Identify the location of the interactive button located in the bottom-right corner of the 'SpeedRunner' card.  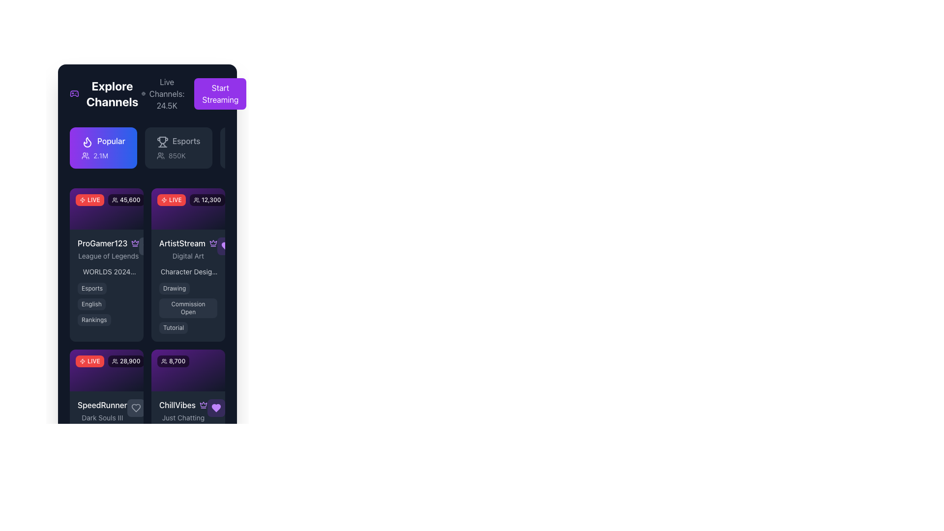
(135, 408).